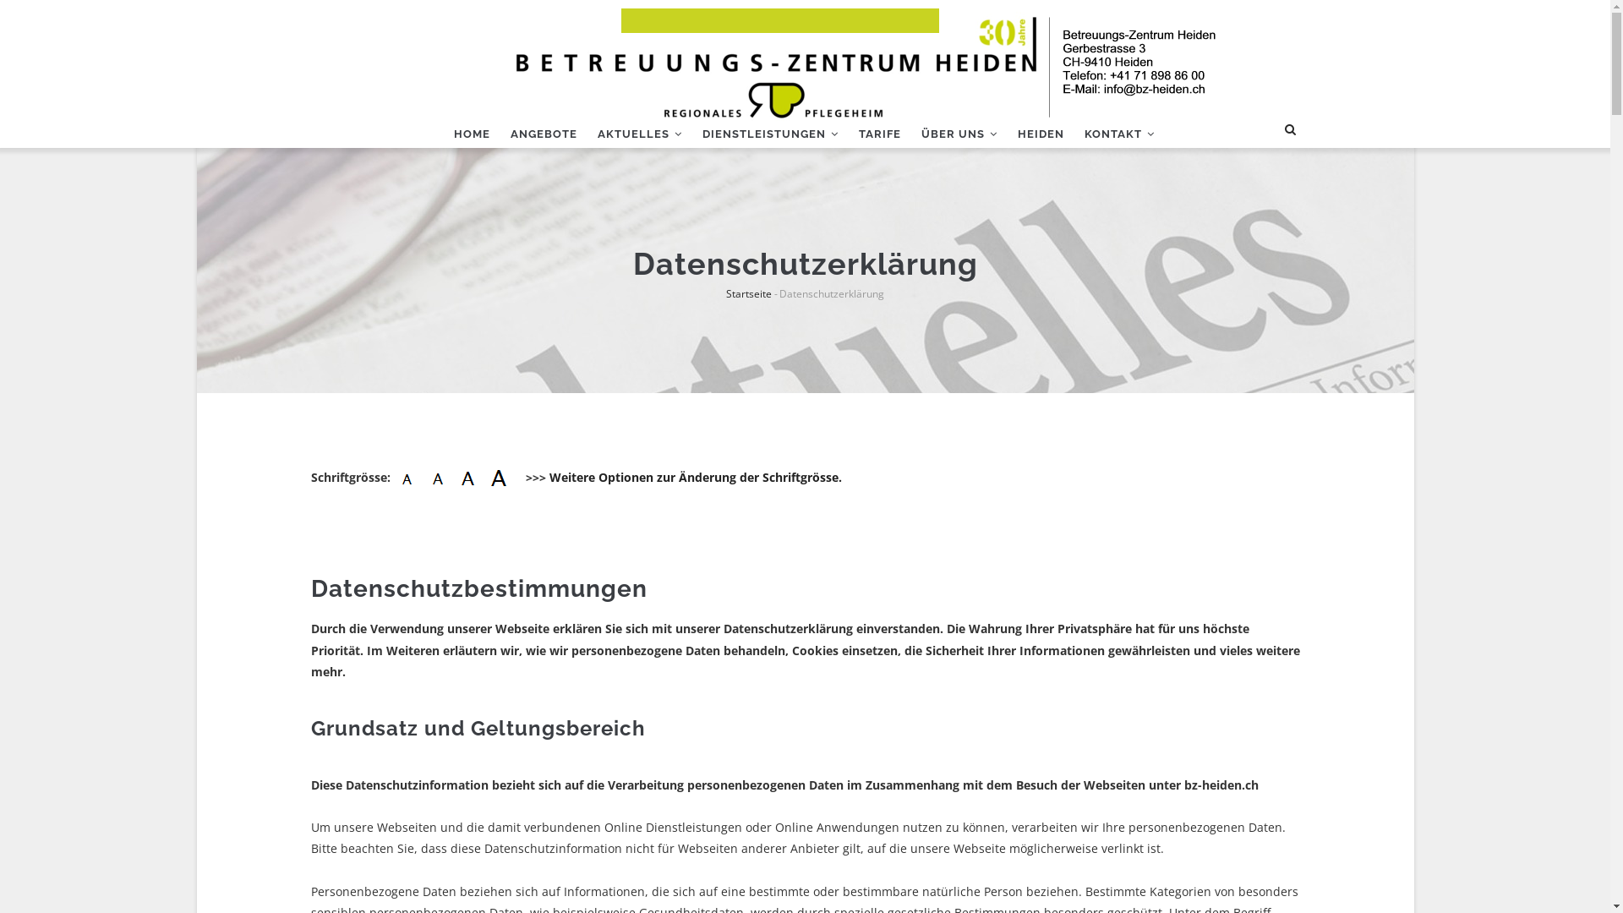 This screenshot has width=1623, height=913. What do you see at coordinates (544, 133) in the screenshot?
I see `'ANGEBOTE'` at bounding box center [544, 133].